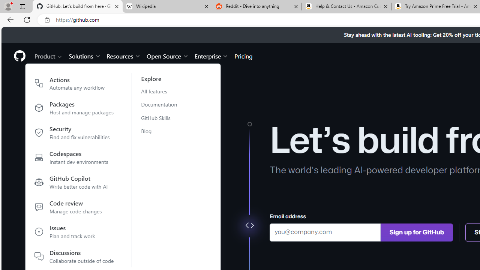 This screenshot has width=480, height=270. Describe the element at coordinates (124, 55) in the screenshot. I see `'Resources'` at that location.